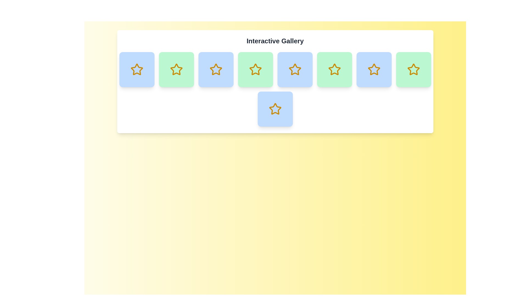  What do you see at coordinates (295, 69) in the screenshot?
I see `the star-shaped icon` at bounding box center [295, 69].